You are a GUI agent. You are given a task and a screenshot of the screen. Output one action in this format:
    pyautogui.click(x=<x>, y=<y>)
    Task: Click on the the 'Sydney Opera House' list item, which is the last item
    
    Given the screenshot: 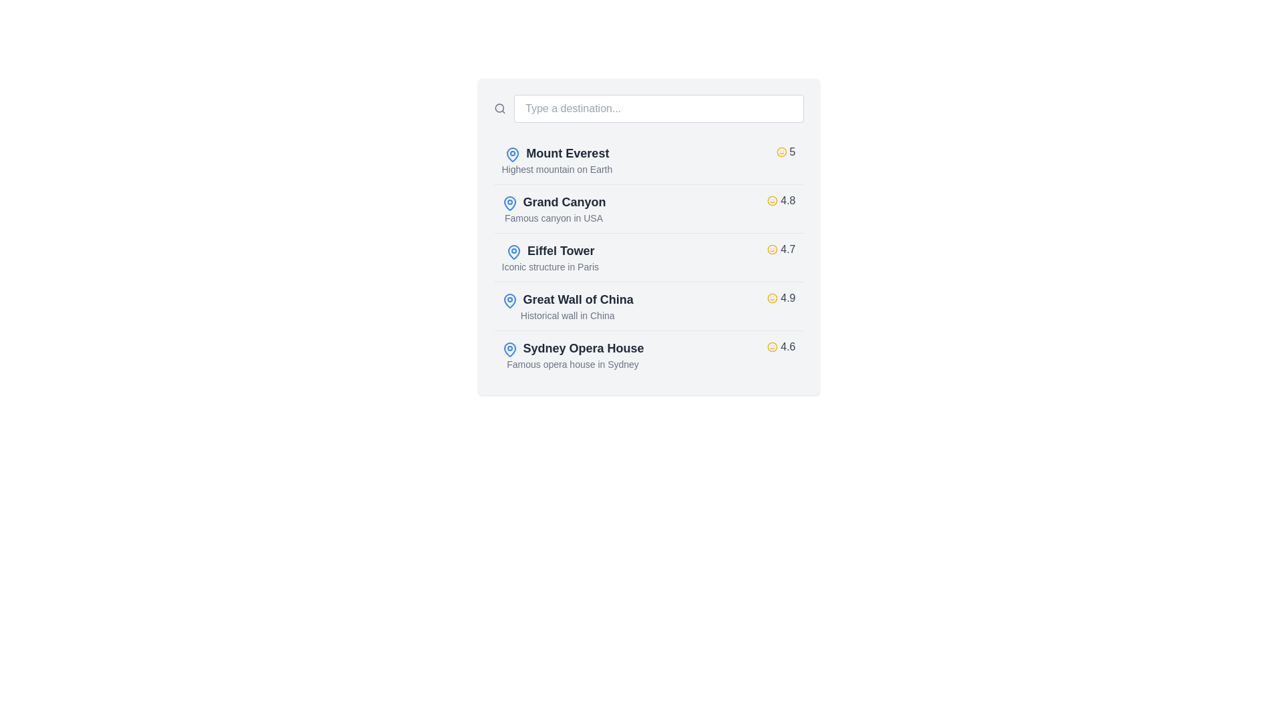 What is the action you would take?
    pyautogui.click(x=573, y=354)
    